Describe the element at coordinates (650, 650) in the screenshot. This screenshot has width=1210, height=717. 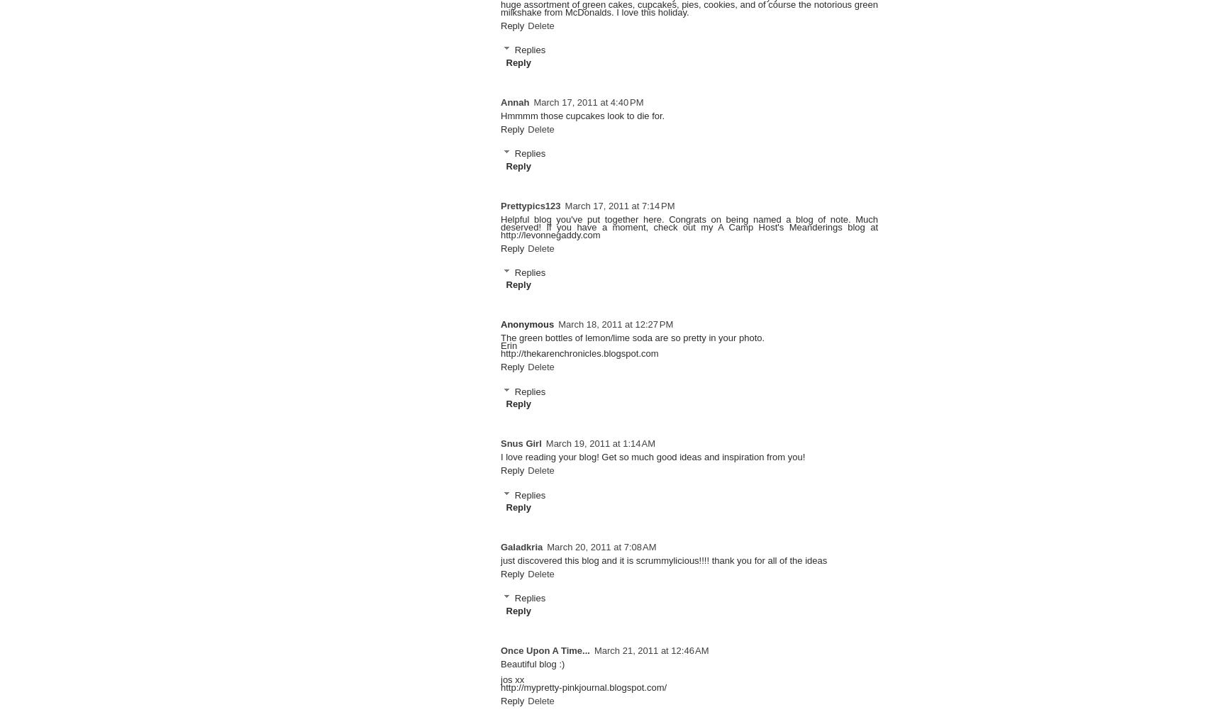
I see `'March 21, 2011 at 12:46 AM'` at that location.